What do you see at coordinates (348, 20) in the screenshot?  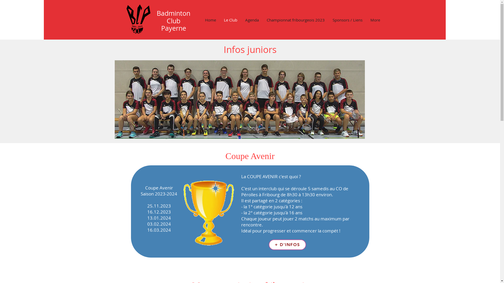 I see `'Sponsors / Liens'` at bounding box center [348, 20].